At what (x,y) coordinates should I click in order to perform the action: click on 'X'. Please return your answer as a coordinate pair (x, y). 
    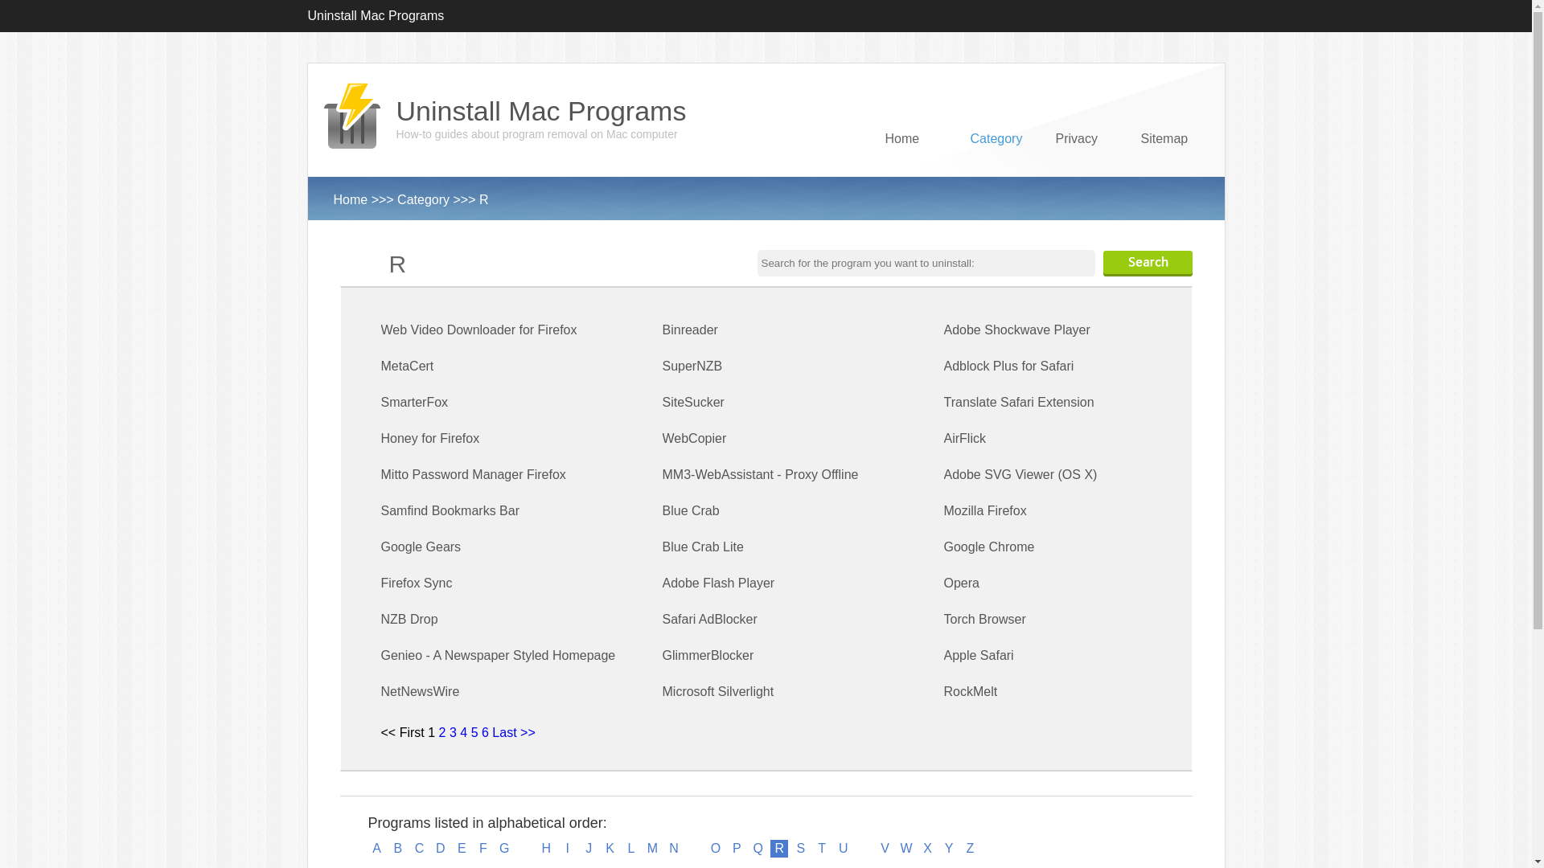
    Looking at the image, I should click on (927, 848).